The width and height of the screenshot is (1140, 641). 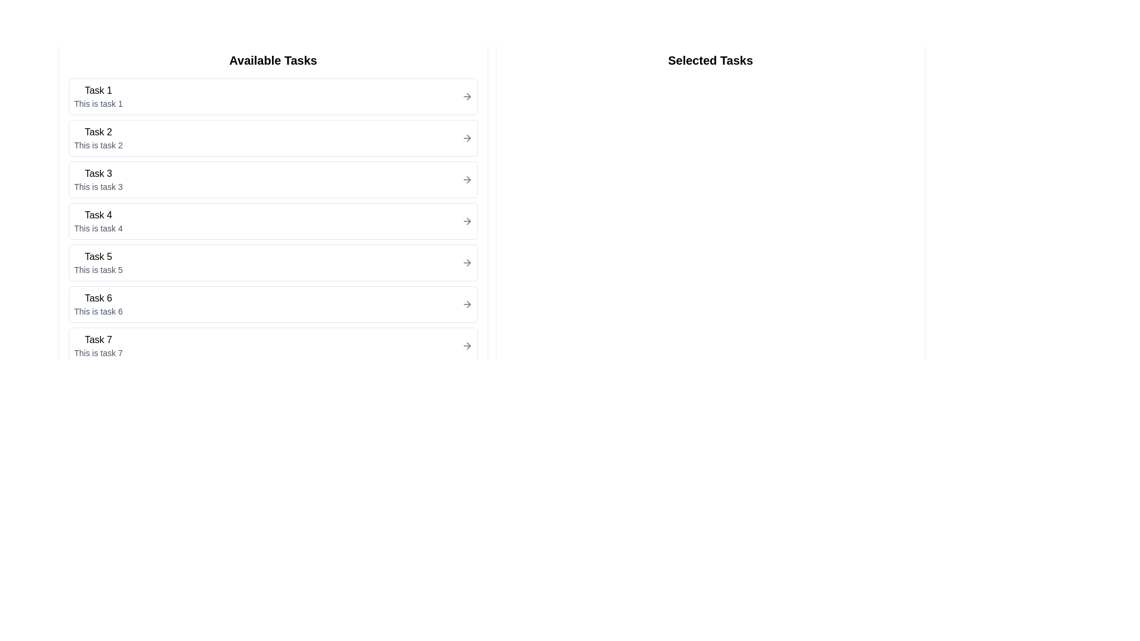 I want to click on the List item displaying 'Task 2' which is the second item in the 'Available Tasks' list, so click(x=98, y=137).